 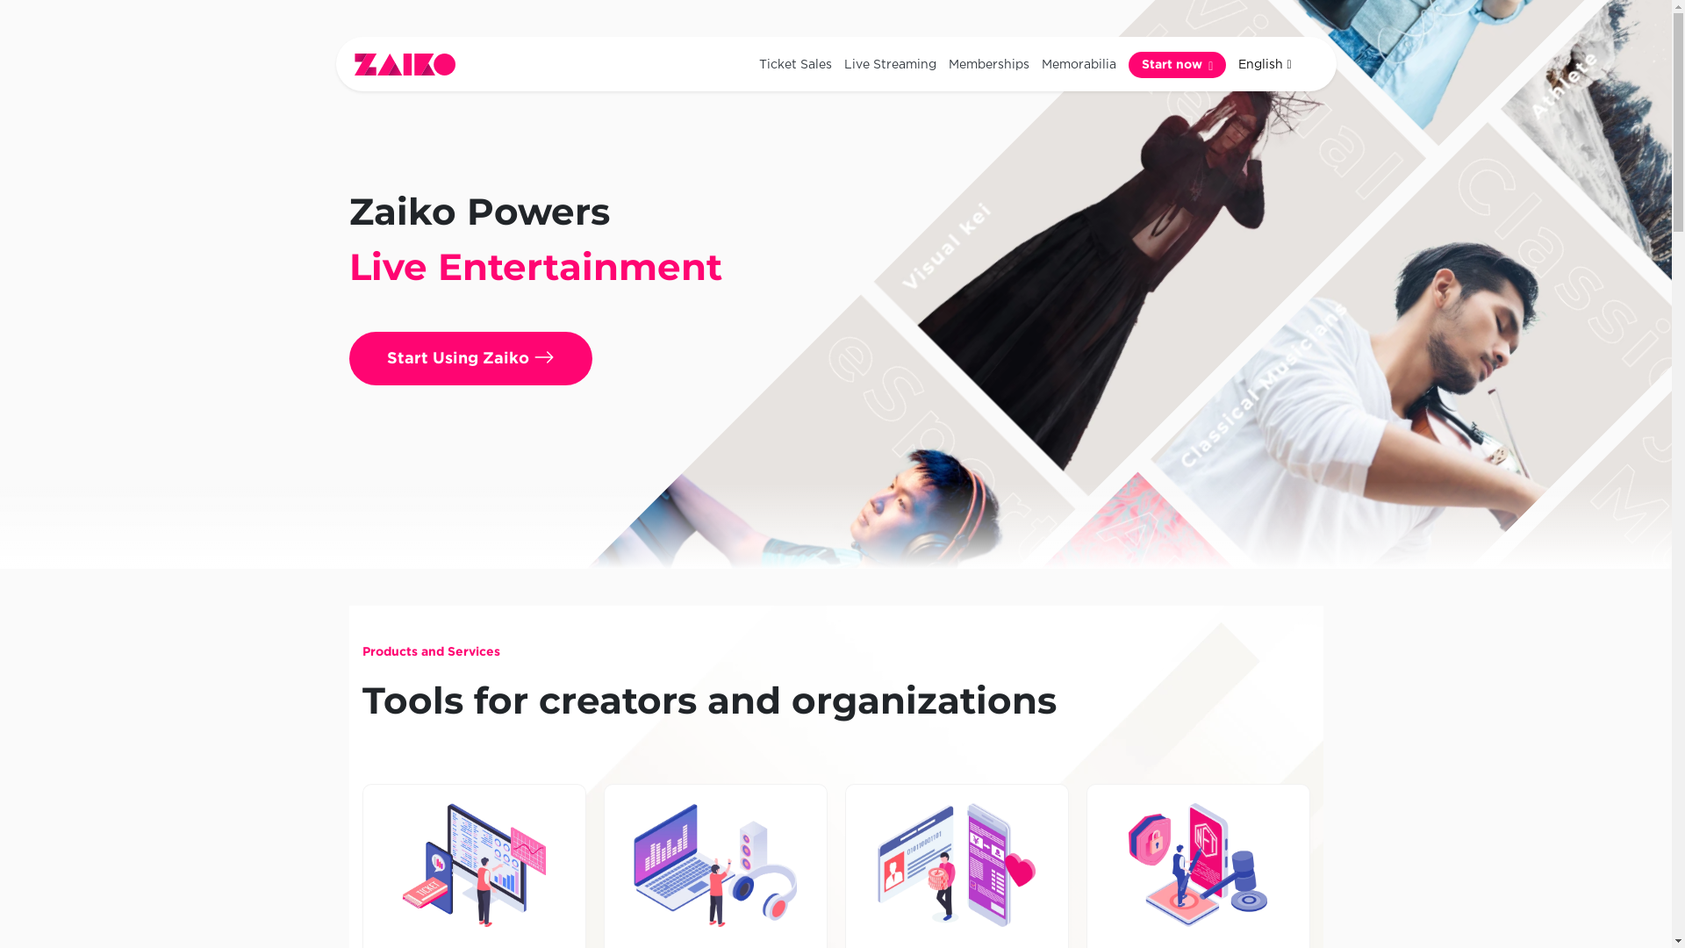 I want to click on 'English', so click(x=1230, y=63).